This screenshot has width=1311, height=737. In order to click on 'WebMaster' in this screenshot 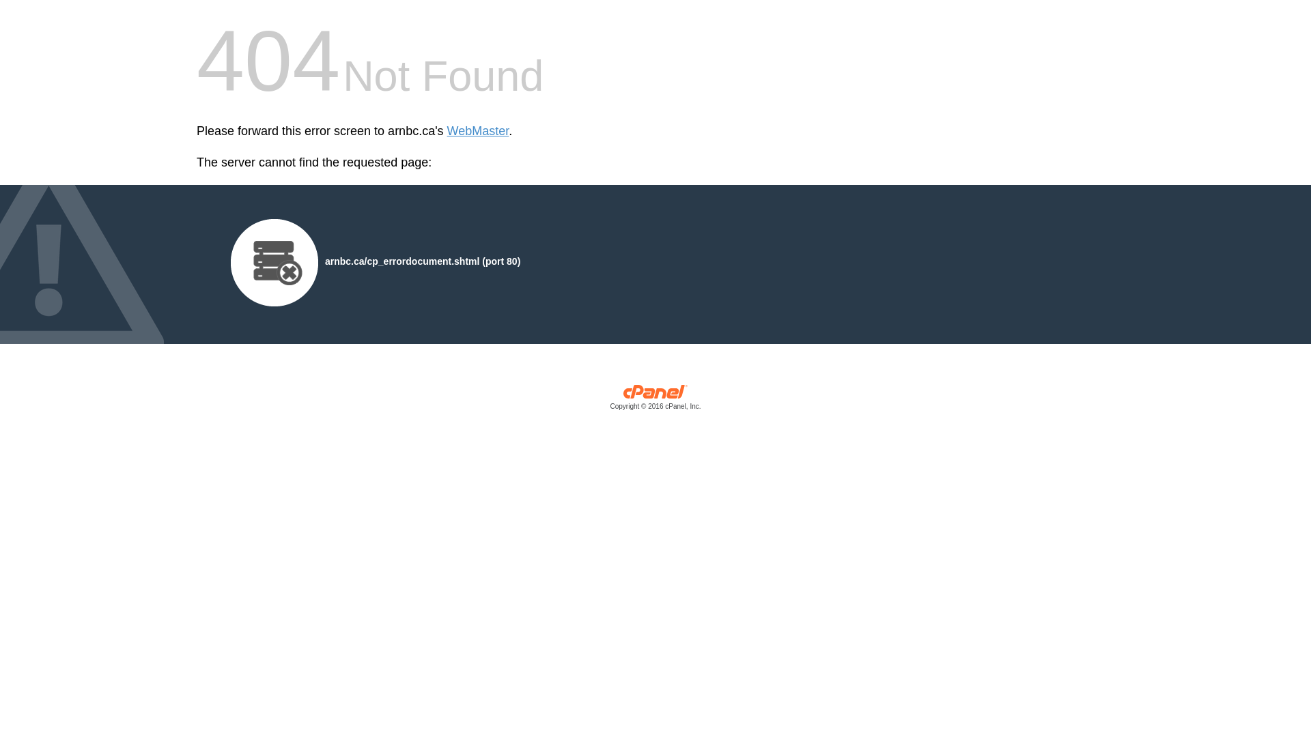, I will do `click(478, 131)`.